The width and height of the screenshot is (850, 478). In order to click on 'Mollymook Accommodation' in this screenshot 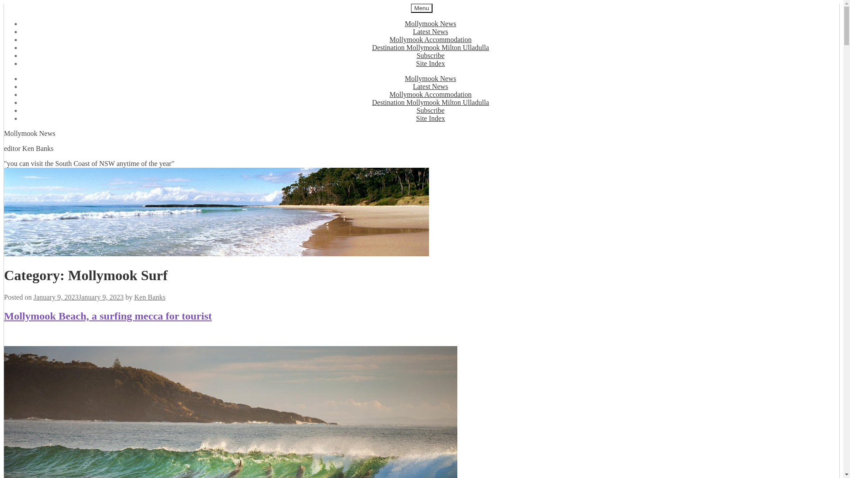, I will do `click(389, 94)`.